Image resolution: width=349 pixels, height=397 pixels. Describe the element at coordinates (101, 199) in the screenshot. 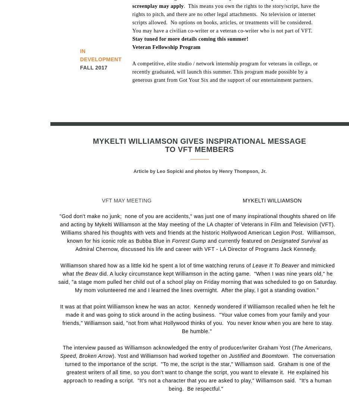

I see `'VFT MAY MEETING'` at that location.